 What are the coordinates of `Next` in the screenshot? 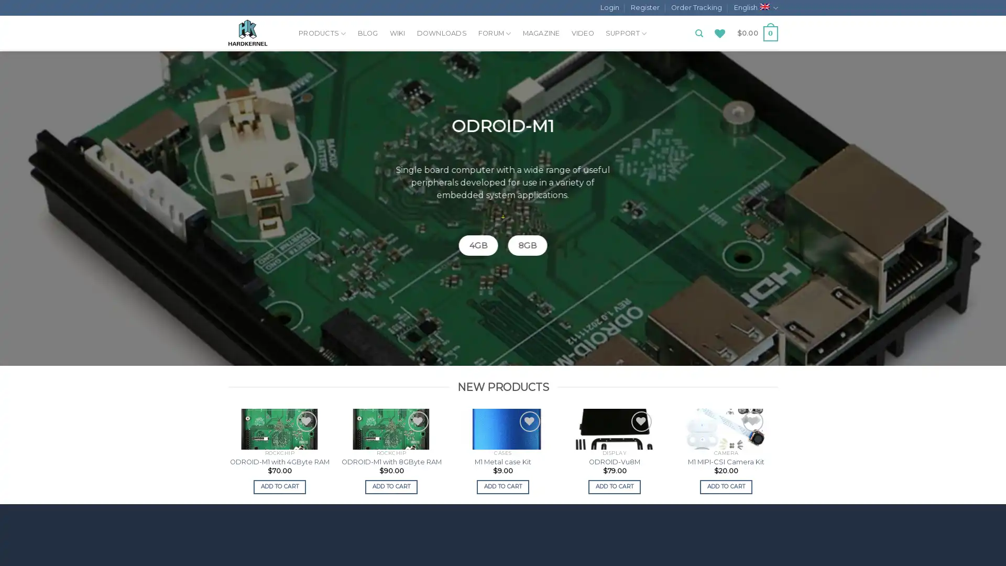 It's located at (776, 454).